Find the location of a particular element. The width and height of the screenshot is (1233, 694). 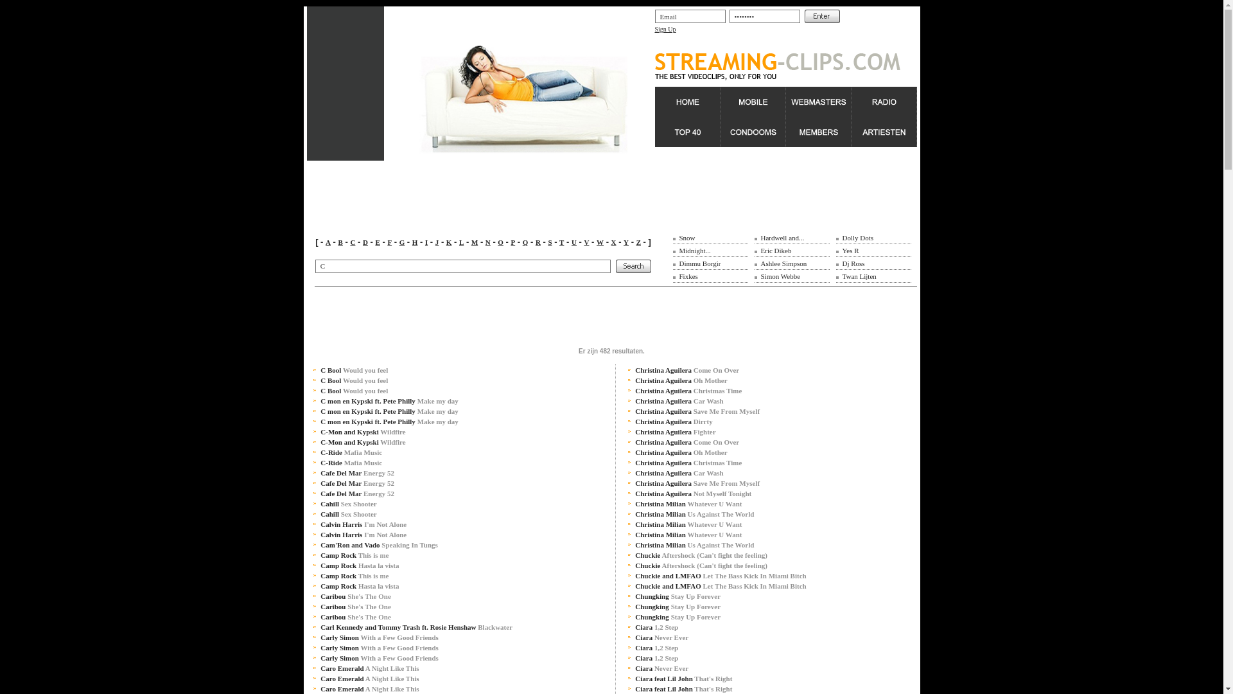

'H' is located at coordinates (415, 242).